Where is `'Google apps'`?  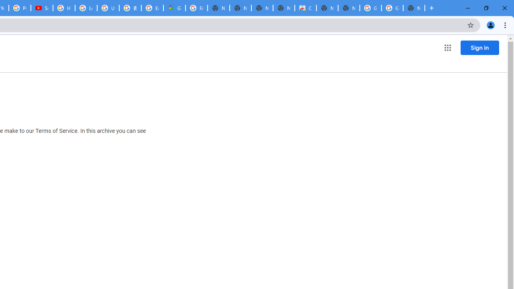 'Google apps' is located at coordinates (447, 48).